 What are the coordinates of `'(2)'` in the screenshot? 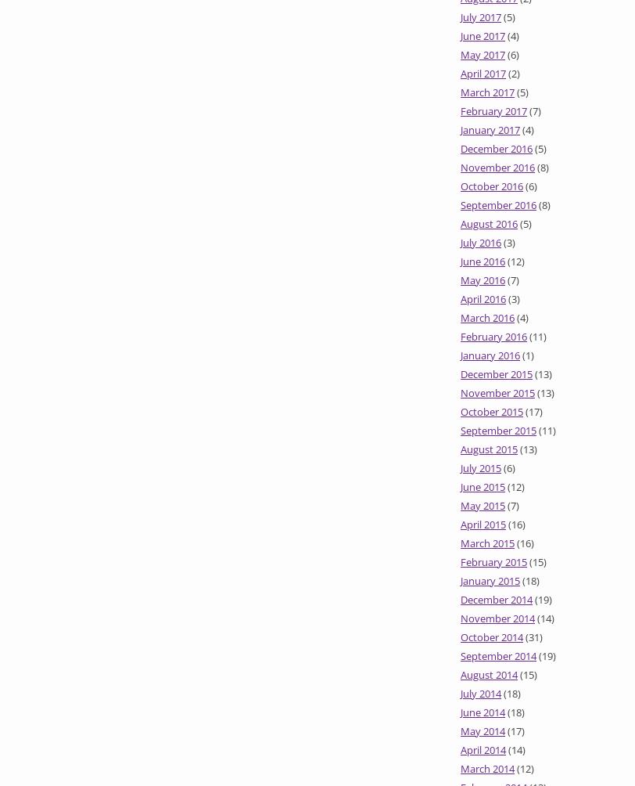 It's located at (506, 73).